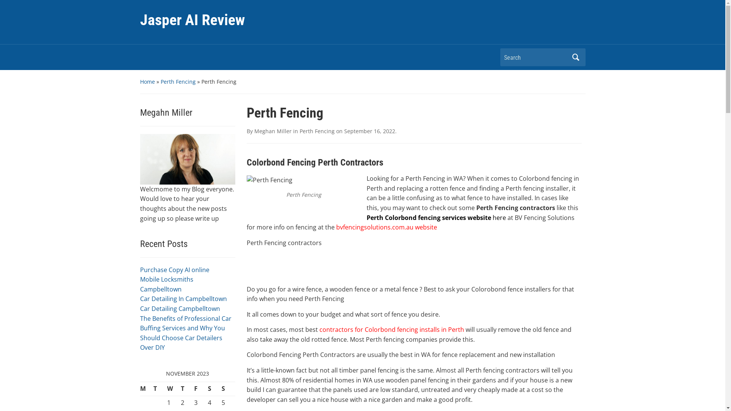 The width and height of the screenshot is (731, 411). I want to click on 'Purchase Copy AI online', so click(174, 269).